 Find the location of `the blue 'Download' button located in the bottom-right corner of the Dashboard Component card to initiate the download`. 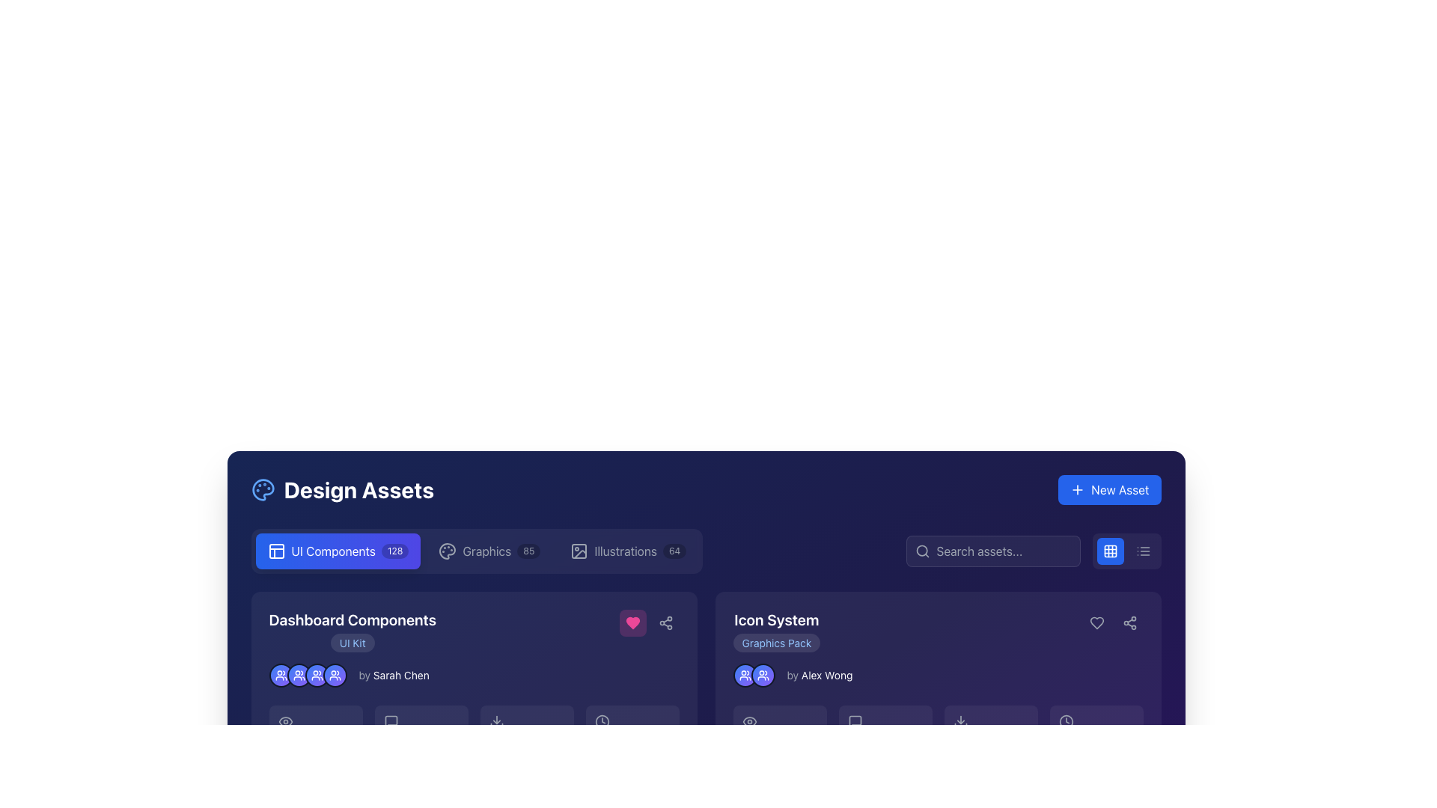

the blue 'Download' button located in the bottom-right corner of the Dashboard Component card to initiate the download is located at coordinates (473, 785).